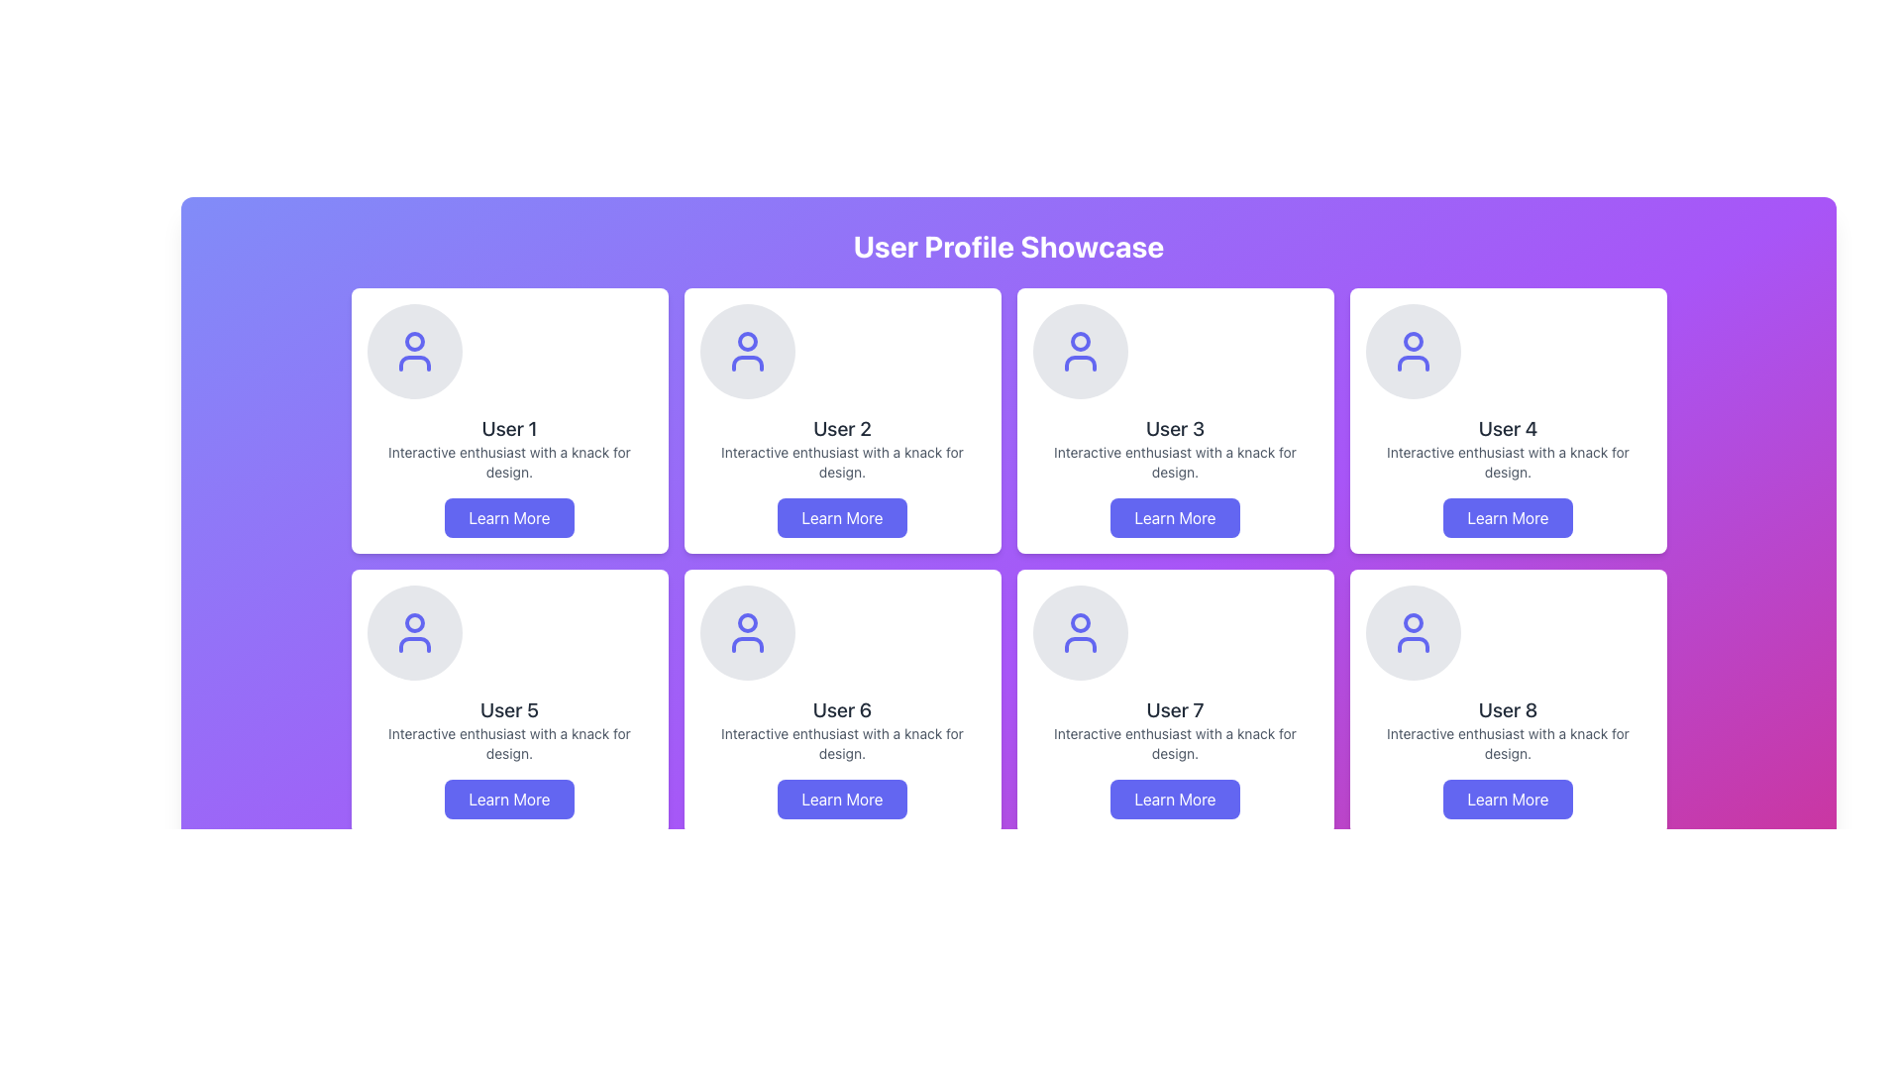 This screenshot has height=1070, width=1902. I want to click on the 'Learn More' button, which is a rectangular button with white text on an indigo background, located centrally within the 'User 4' card, so click(1507, 517).